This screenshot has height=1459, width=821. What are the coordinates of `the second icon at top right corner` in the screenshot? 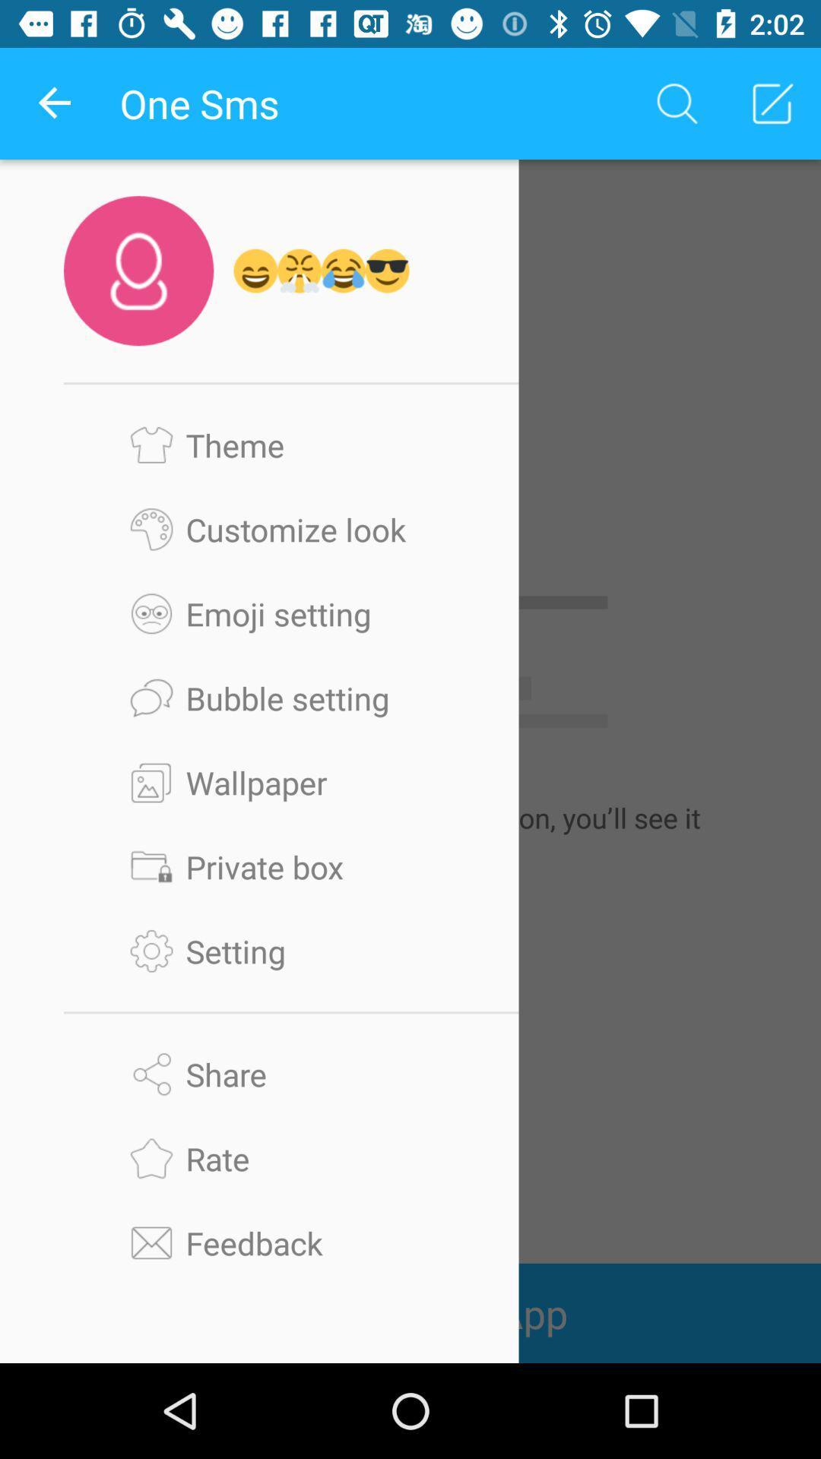 It's located at (773, 103).